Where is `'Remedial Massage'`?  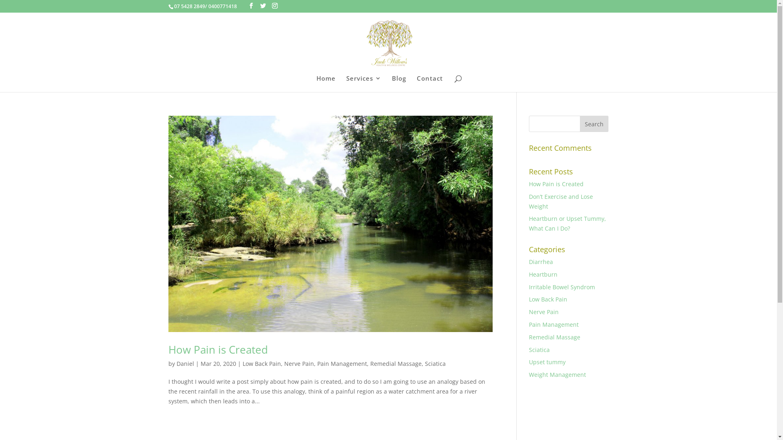
'Remedial Massage' is located at coordinates (529, 337).